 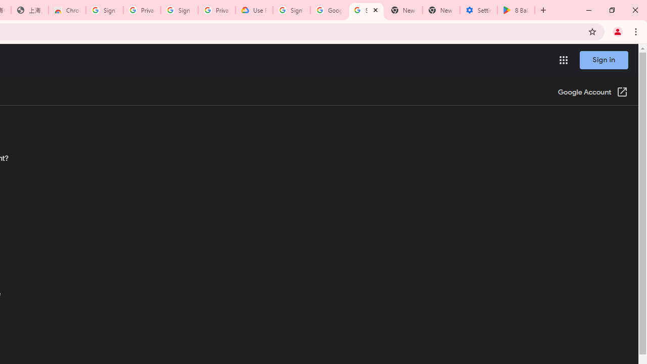 I want to click on '8 Ball Pool - Apps on Google Play', so click(x=516, y=10).